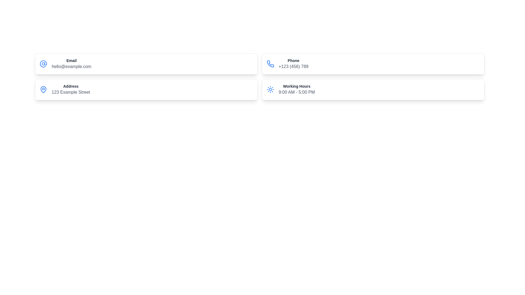  What do you see at coordinates (270, 63) in the screenshot?
I see `the blue phone handset icon located in the top right card of the interface, which is associated with the contact information` at bounding box center [270, 63].